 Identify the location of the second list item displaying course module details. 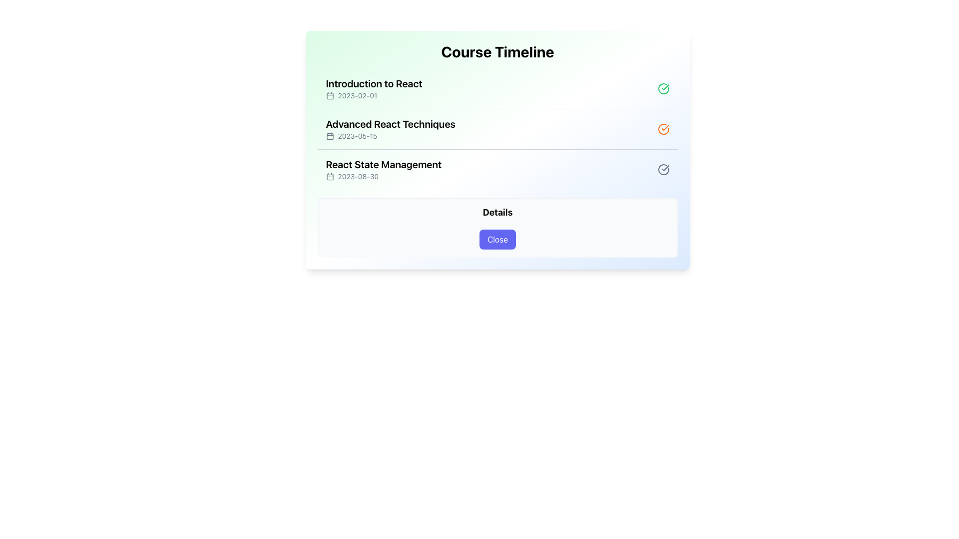
(390, 128).